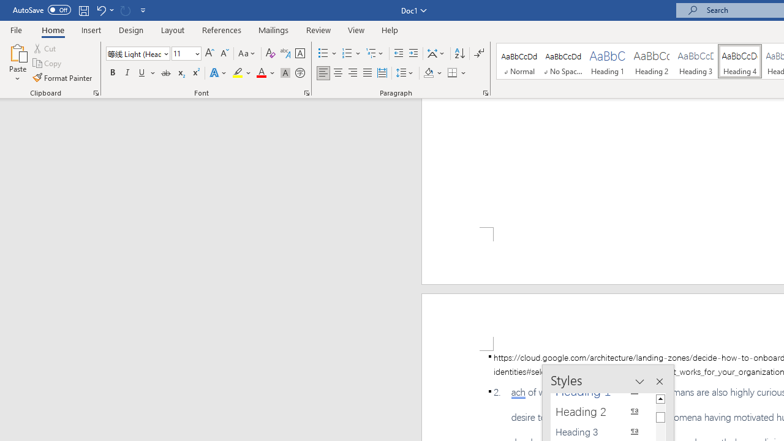 The height and width of the screenshot is (441, 784). Describe the element at coordinates (375, 53) in the screenshot. I see `'Multilevel List'` at that location.